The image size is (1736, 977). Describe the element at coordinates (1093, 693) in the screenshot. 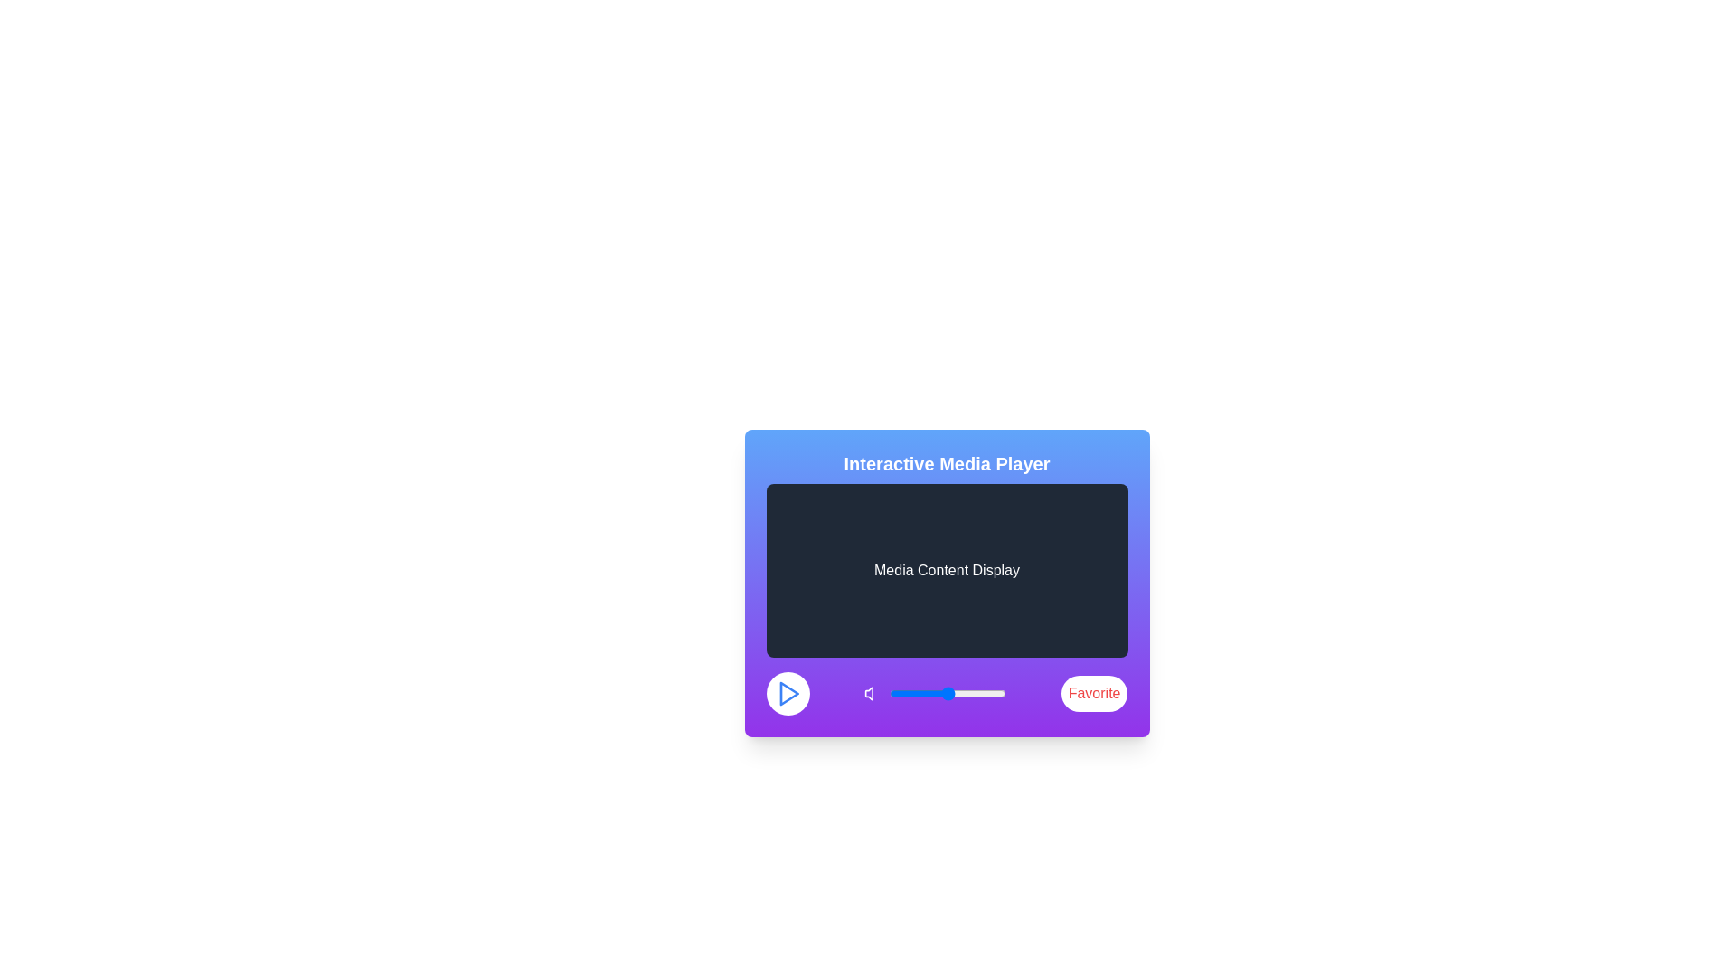

I see `the favorite button located at the bottom-right corner to register the media as a favorite` at that location.